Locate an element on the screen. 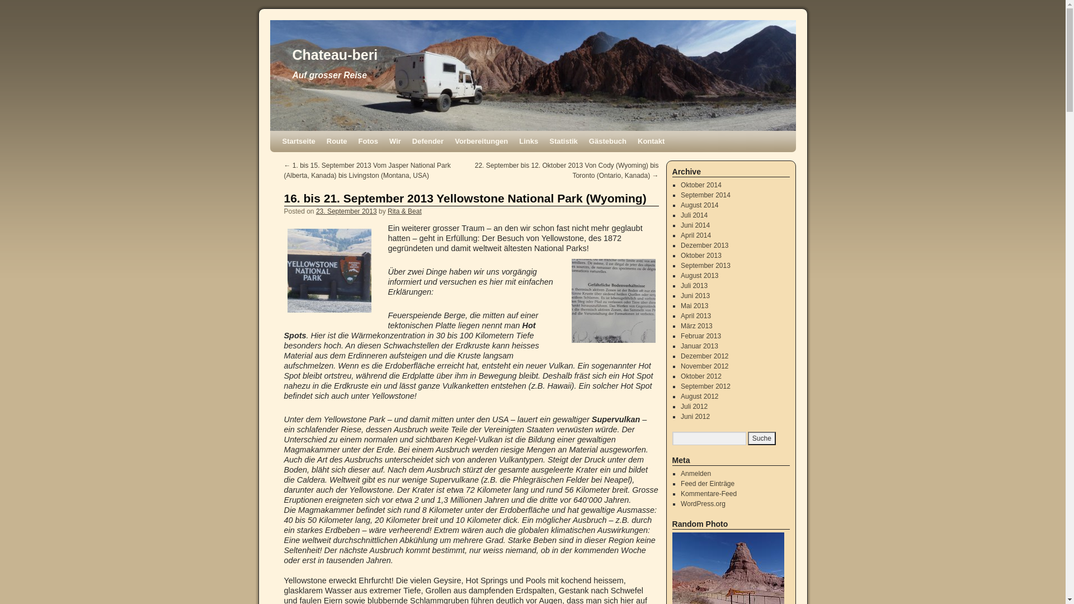 The width and height of the screenshot is (1074, 604). 'November 2012' is located at coordinates (704, 366).